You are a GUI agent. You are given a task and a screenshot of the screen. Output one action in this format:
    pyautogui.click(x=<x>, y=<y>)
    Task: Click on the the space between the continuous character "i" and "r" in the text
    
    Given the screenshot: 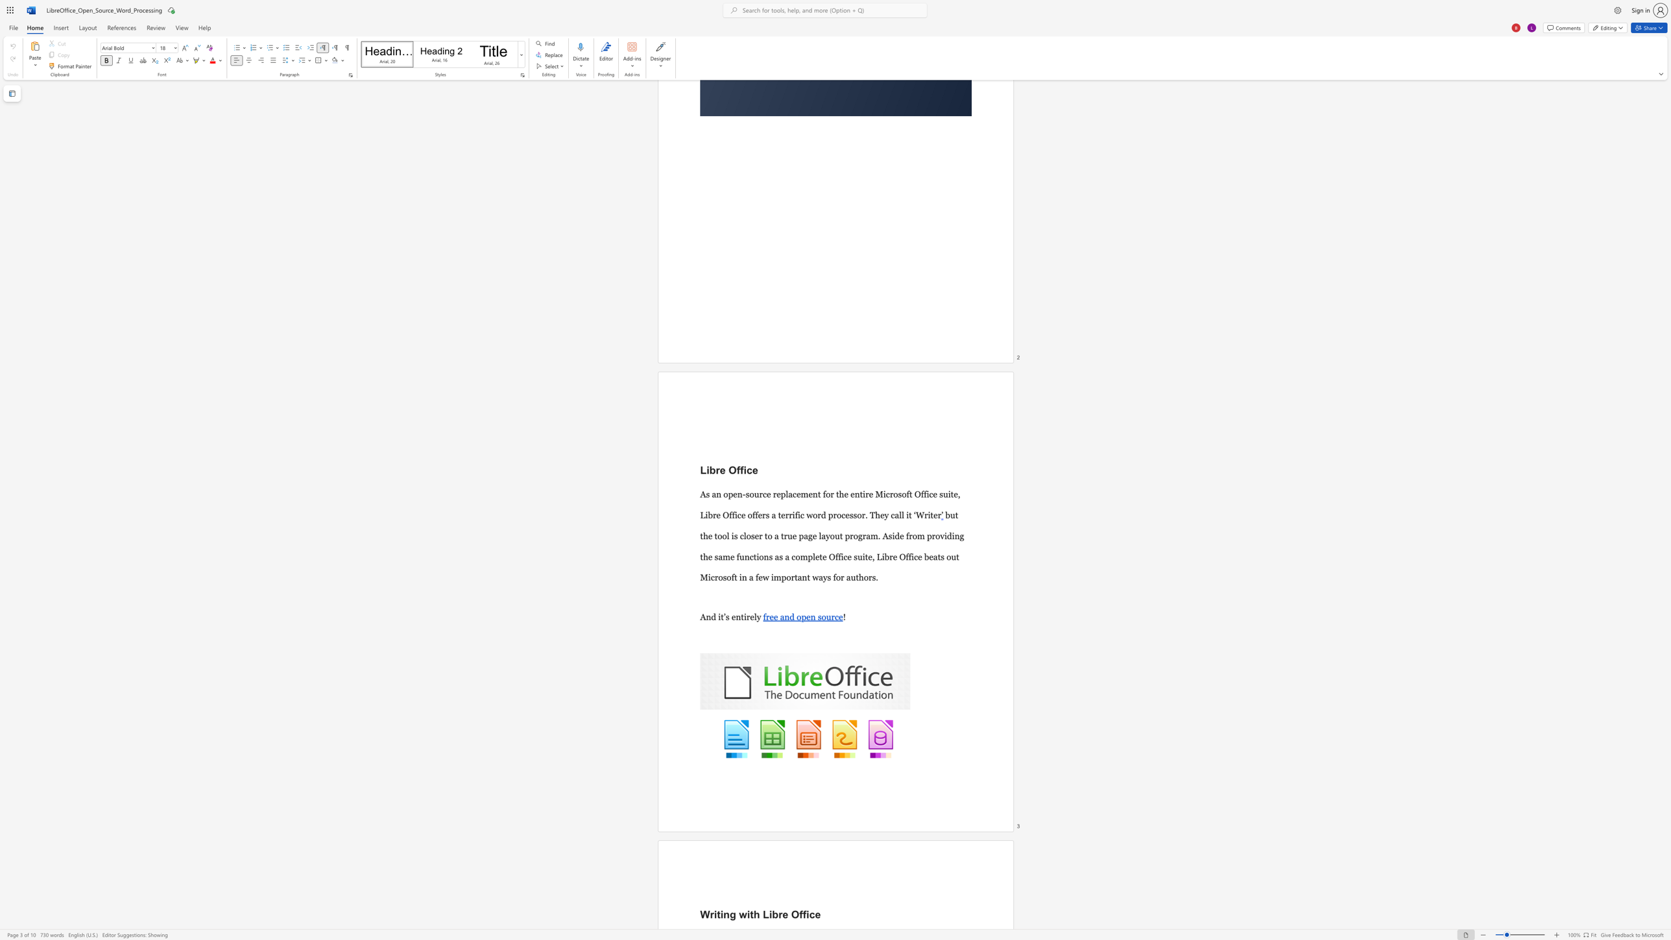 What is the action you would take?
    pyautogui.click(x=746, y=617)
    